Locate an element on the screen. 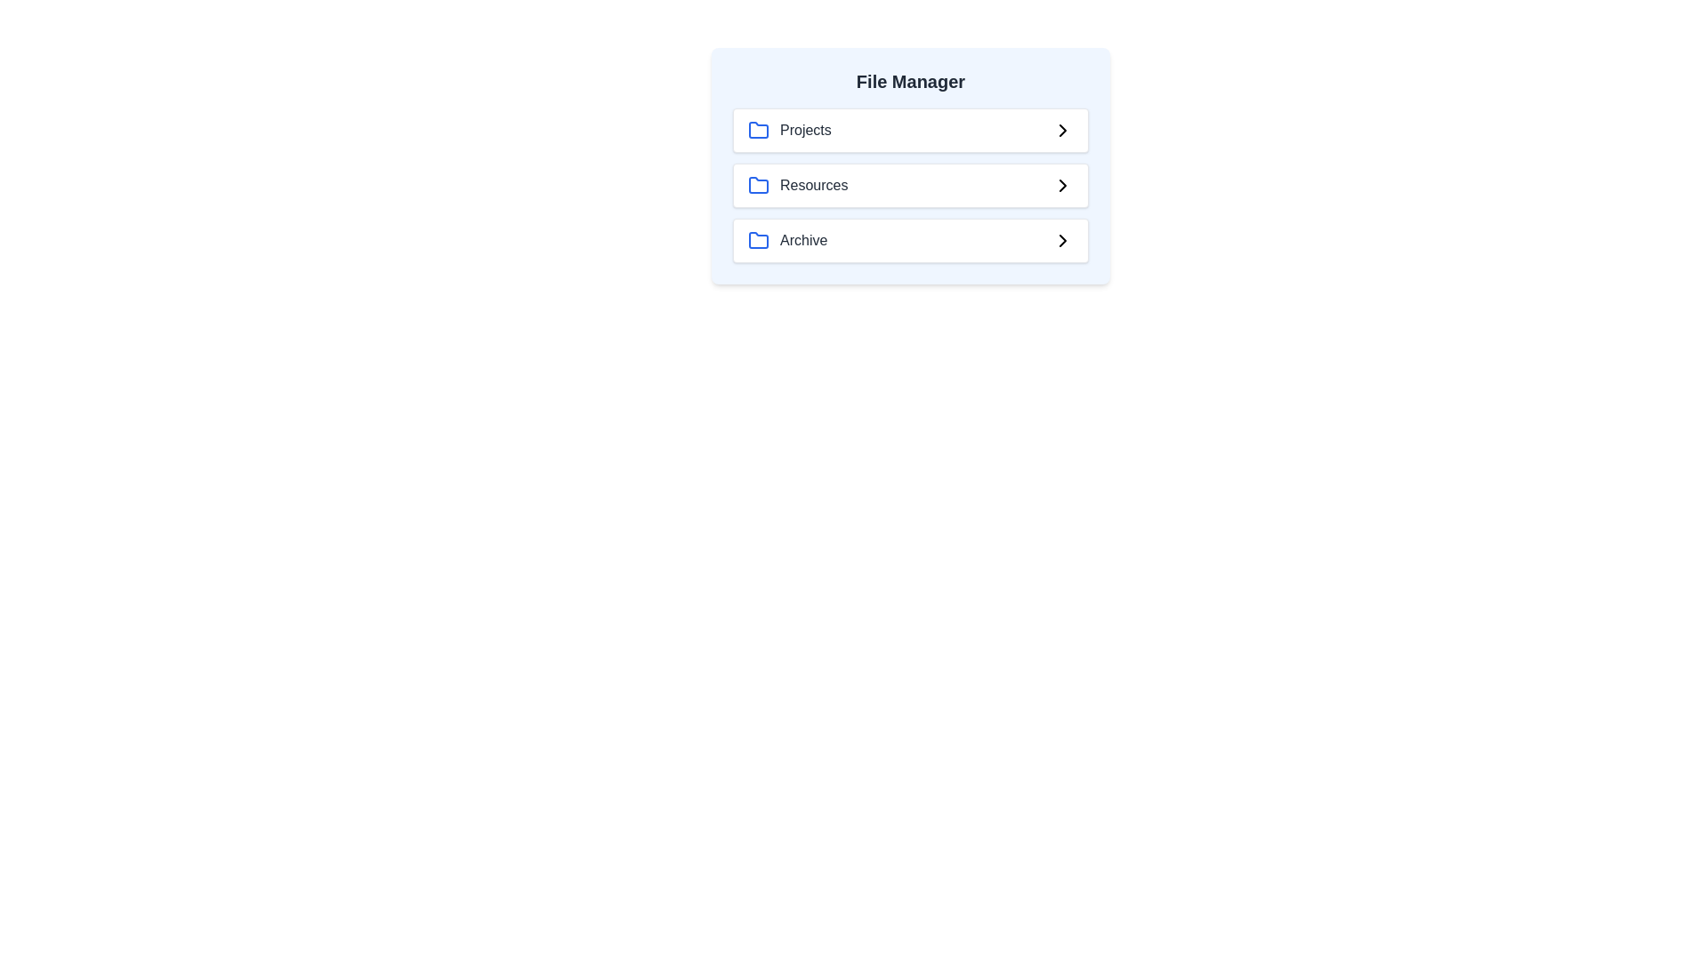 This screenshot has width=1708, height=960. the second button-like list item in the 'File Manager' that allows access to the 'Resources' folder is located at coordinates (910, 185).